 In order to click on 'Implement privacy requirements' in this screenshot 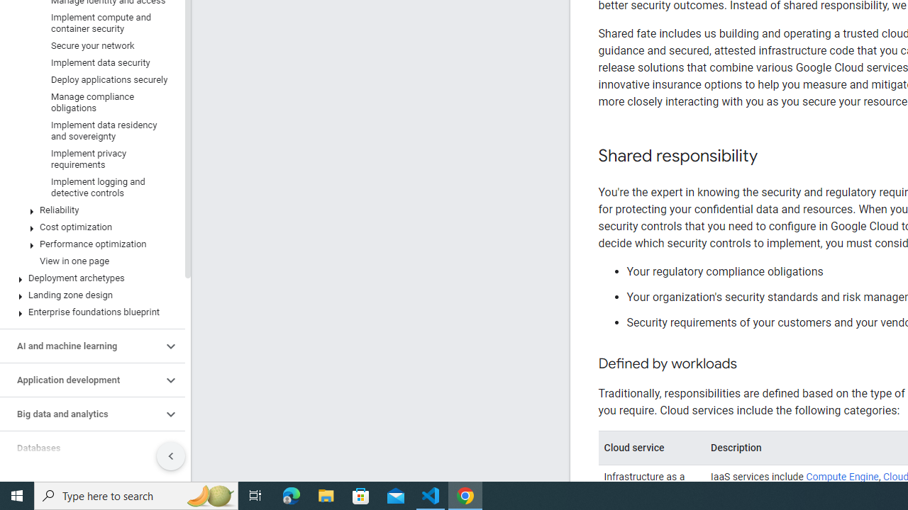, I will do `click(89, 159)`.